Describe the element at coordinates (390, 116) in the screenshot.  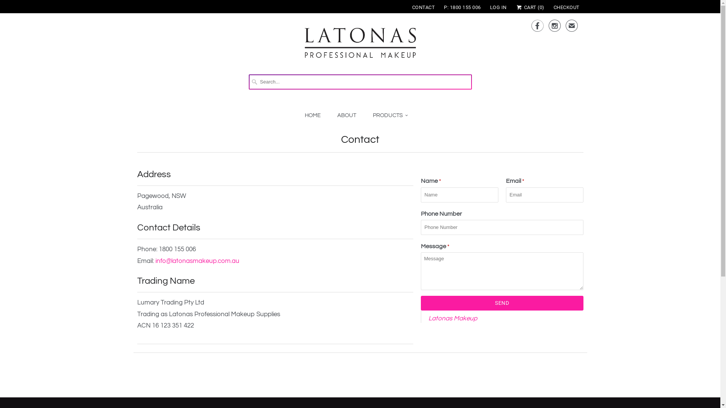
I see `'PRODUCTS'` at that location.